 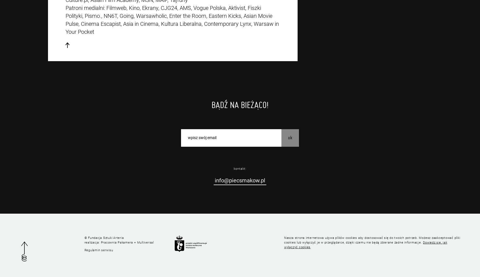 What do you see at coordinates (84, 250) in the screenshot?
I see `'Regulamin serwisu'` at bounding box center [84, 250].